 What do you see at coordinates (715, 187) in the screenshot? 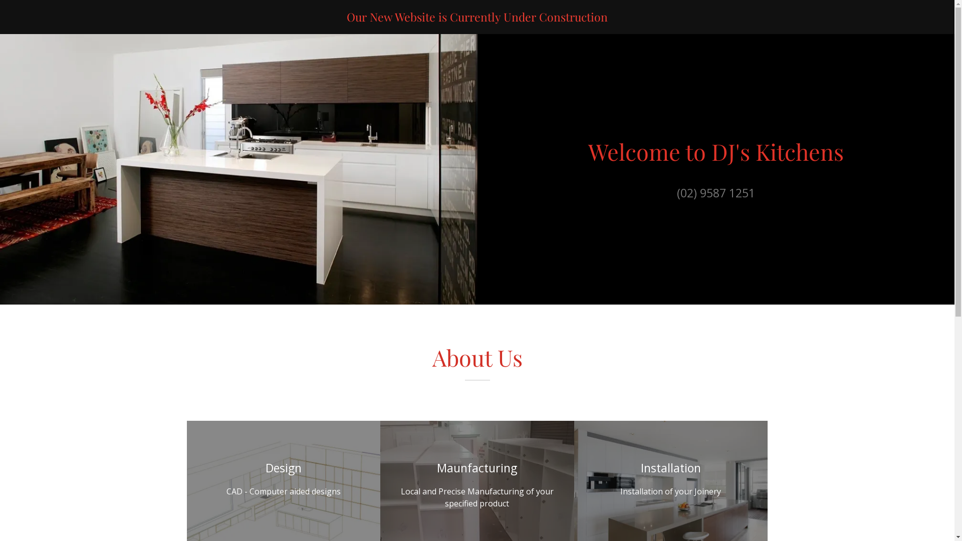
I see `'(02) 9587 1251'` at bounding box center [715, 187].